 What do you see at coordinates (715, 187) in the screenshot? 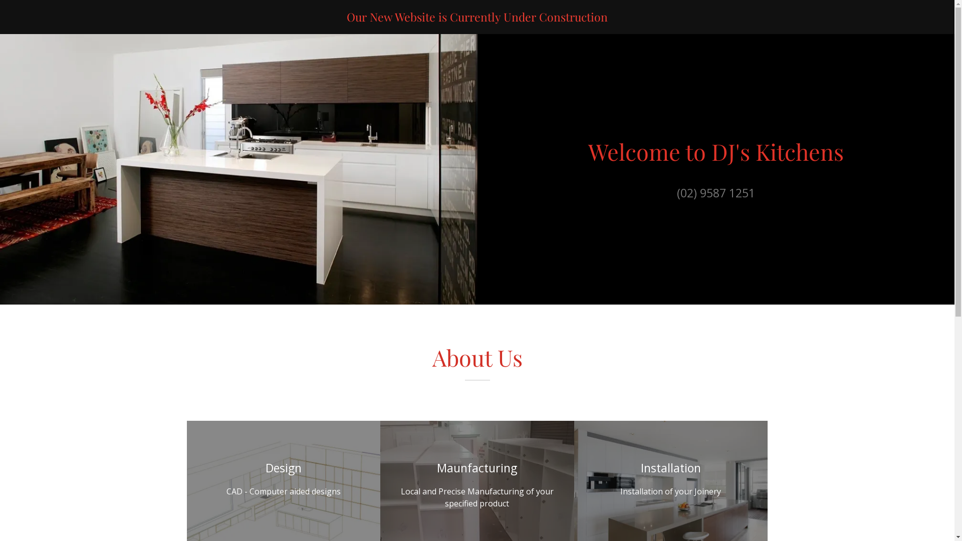
I see `'(02) 9587 1251'` at bounding box center [715, 187].